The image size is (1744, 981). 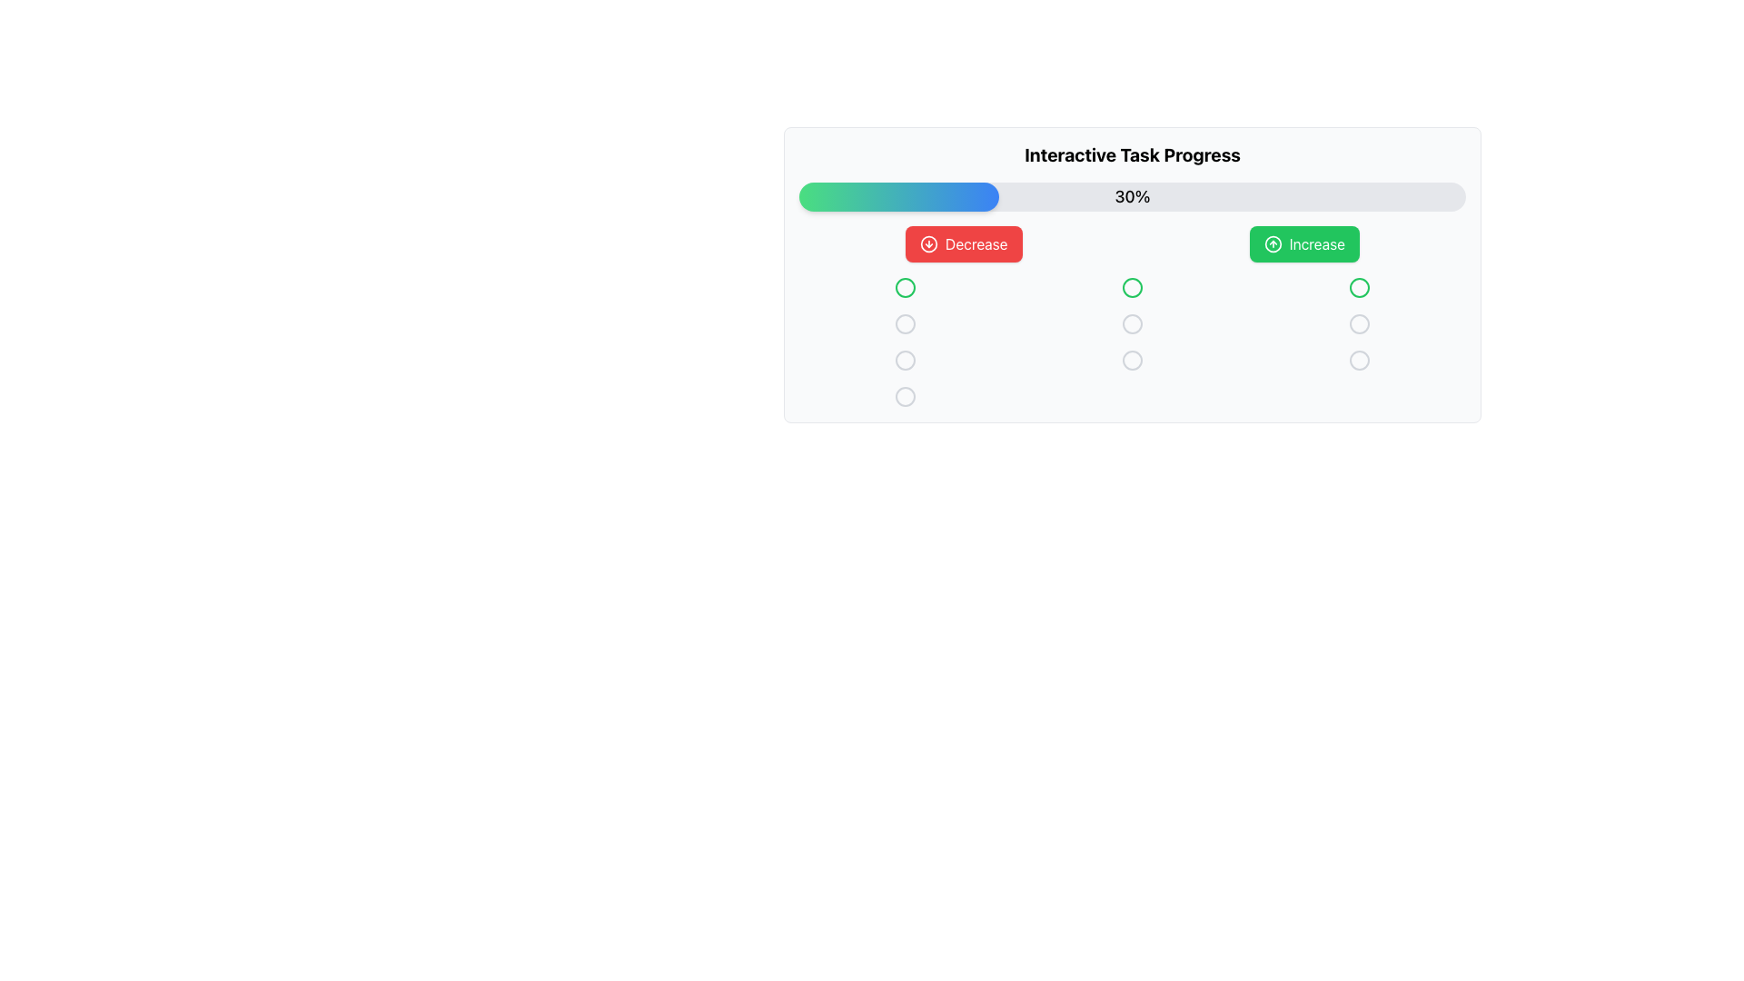 What do you see at coordinates (906, 395) in the screenshot?
I see `the inactive radio button located in the first column of the bottom-most row of a 3-column grid layout` at bounding box center [906, 395].